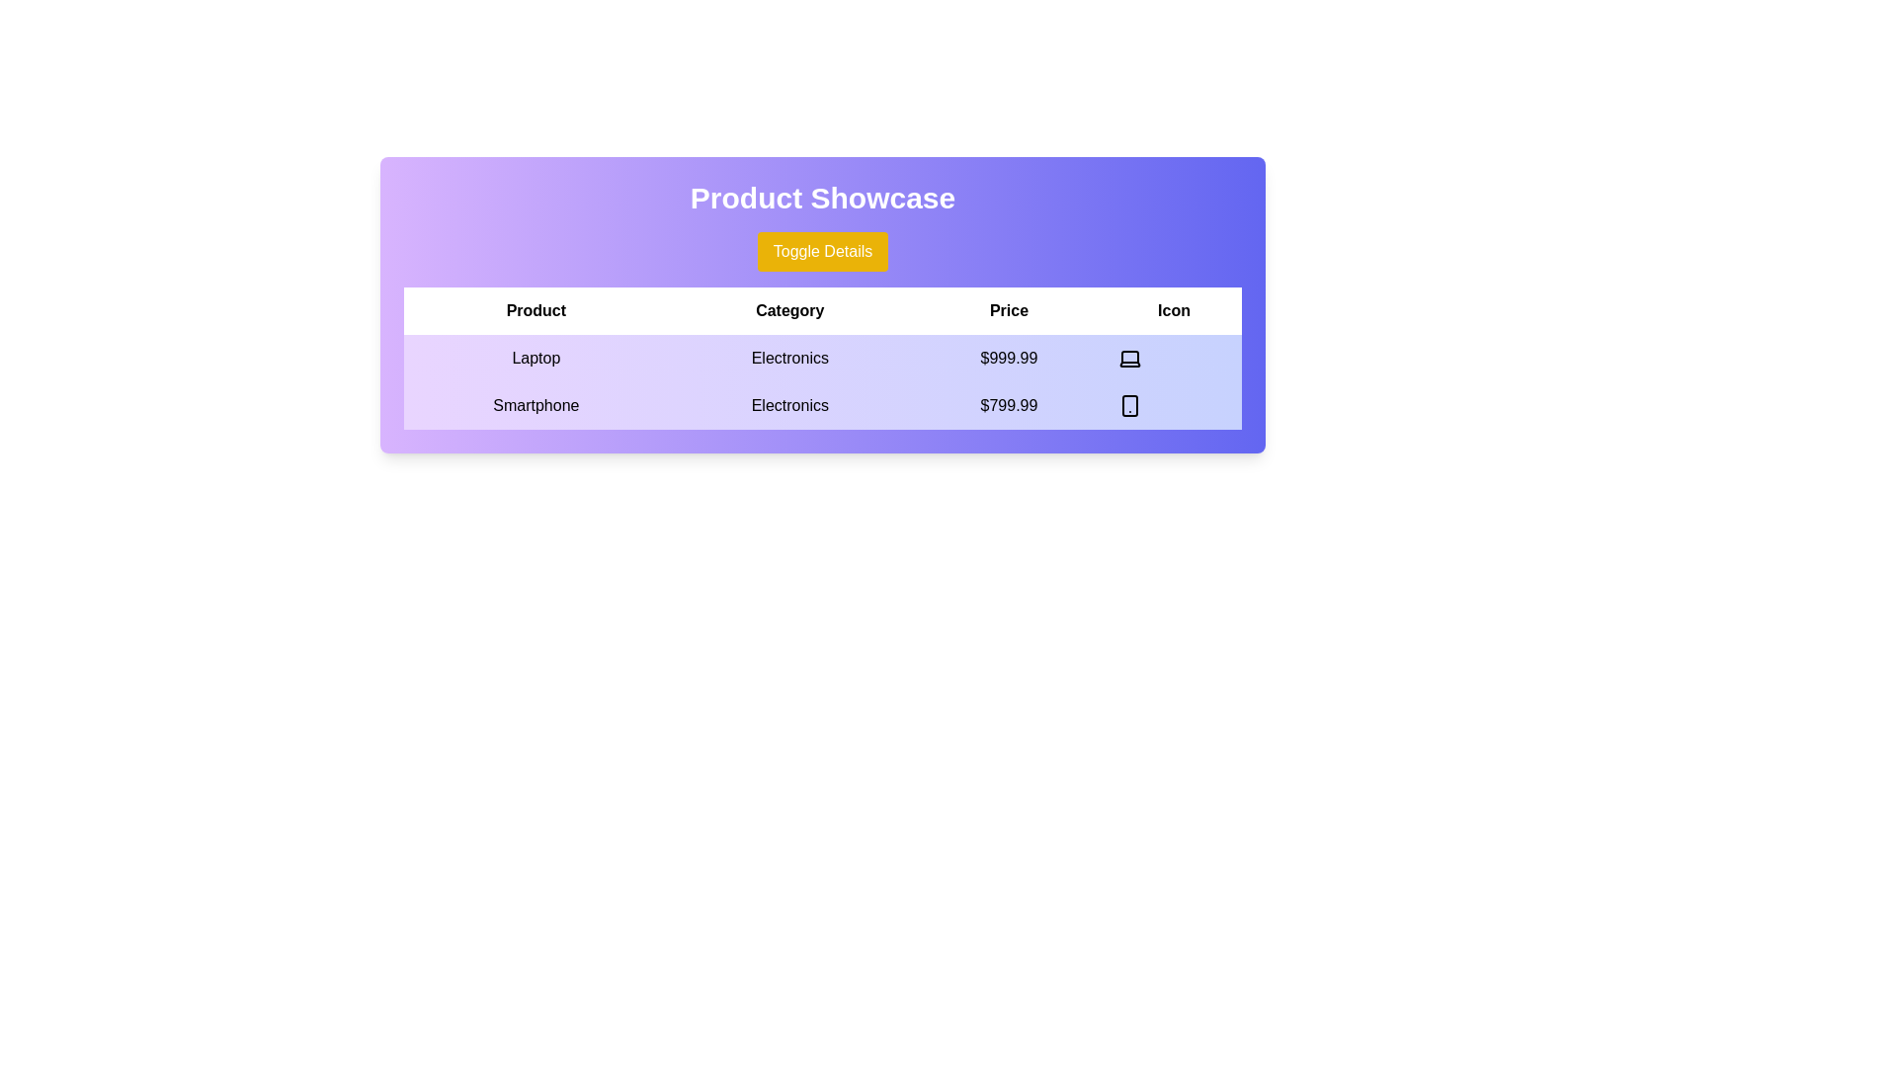  What do you see at coordinates (788, 311) in the screenshot?
I see `the text label displaying 'Category', which is the second header in a row of four at the top of a data table, positioned between 'Product' and 'Price'` at bounding box center [788, 311].